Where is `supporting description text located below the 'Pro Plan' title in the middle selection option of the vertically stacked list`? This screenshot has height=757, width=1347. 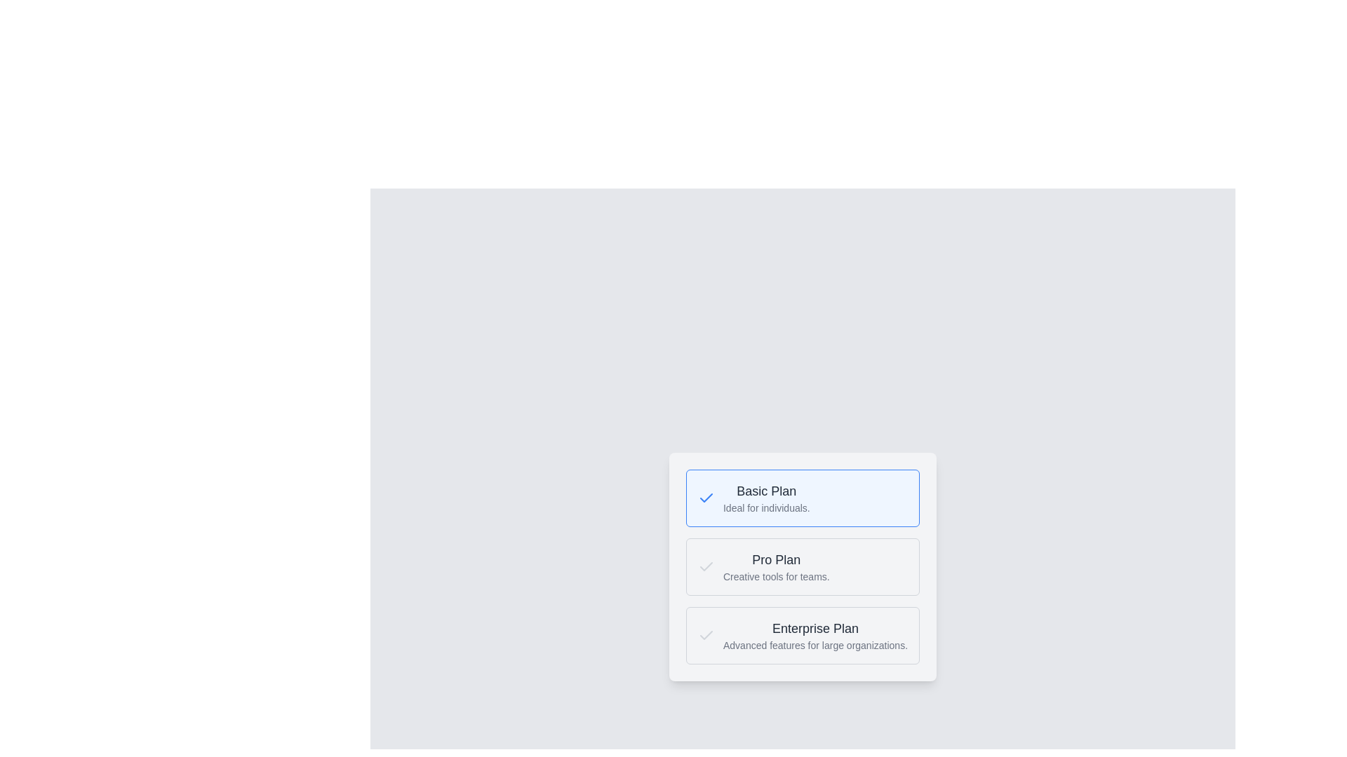 supporting description text located below the 'Pro Plan' title in the middle selection option of the vertically stacked list is located at coordinates (775, 576).